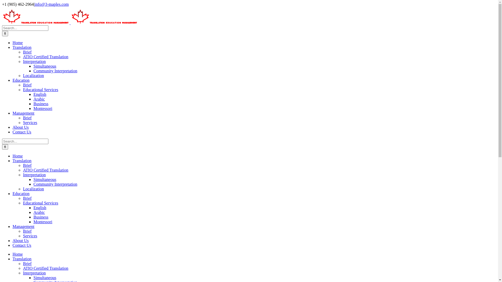 The image size is (502, 282). What do you see at coordinates (27, 231) in the screenshot?
I see `'Brief'` at bounding box center [27, 231].